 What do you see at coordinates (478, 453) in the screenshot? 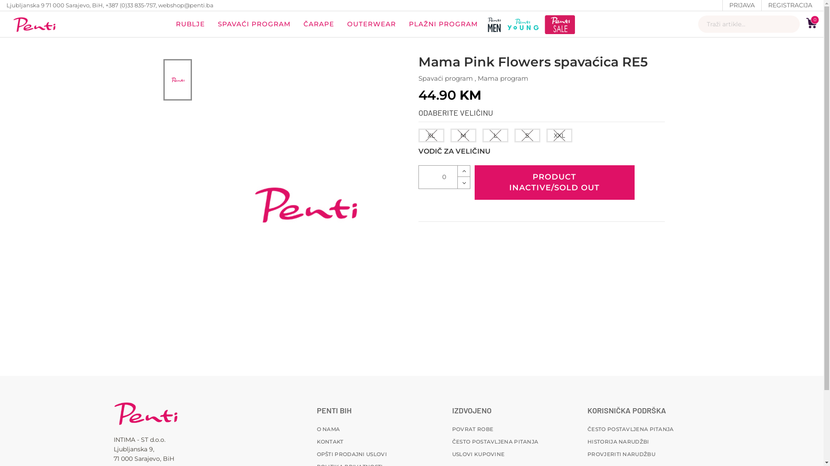
I see `'USLOVI KUPOVINE'` at bounding box center [478, 453].